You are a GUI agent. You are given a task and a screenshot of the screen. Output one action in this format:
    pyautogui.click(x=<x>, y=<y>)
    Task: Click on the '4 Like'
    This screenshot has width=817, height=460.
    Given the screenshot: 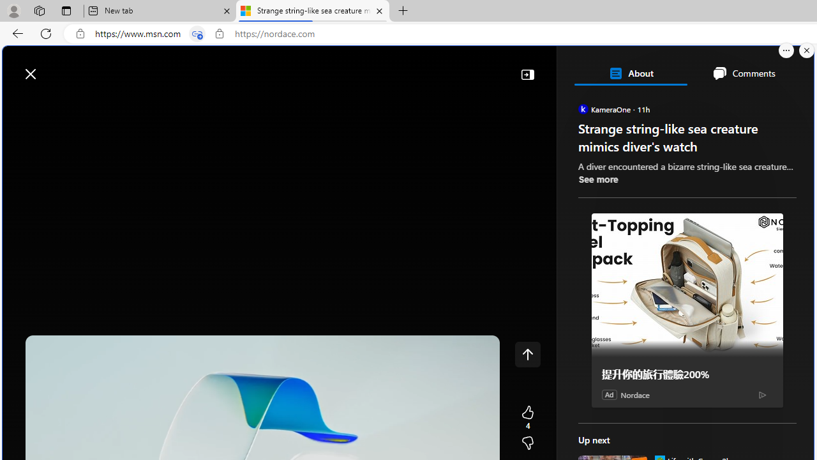 What is the action you would take?
    pyautogui.click(x=527, y=418)
    